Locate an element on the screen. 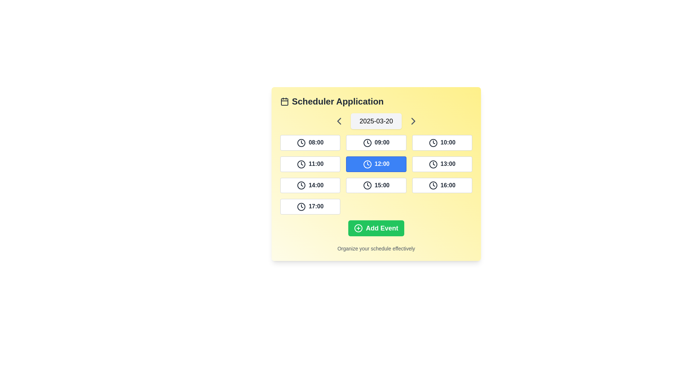 This screenshot has width=698, height=392. the blue rectangular button labeled '12:00' with a clock icon, which is positioned in the middle of the fourth row in the scheduler interface is located at coordinates (376, 164).